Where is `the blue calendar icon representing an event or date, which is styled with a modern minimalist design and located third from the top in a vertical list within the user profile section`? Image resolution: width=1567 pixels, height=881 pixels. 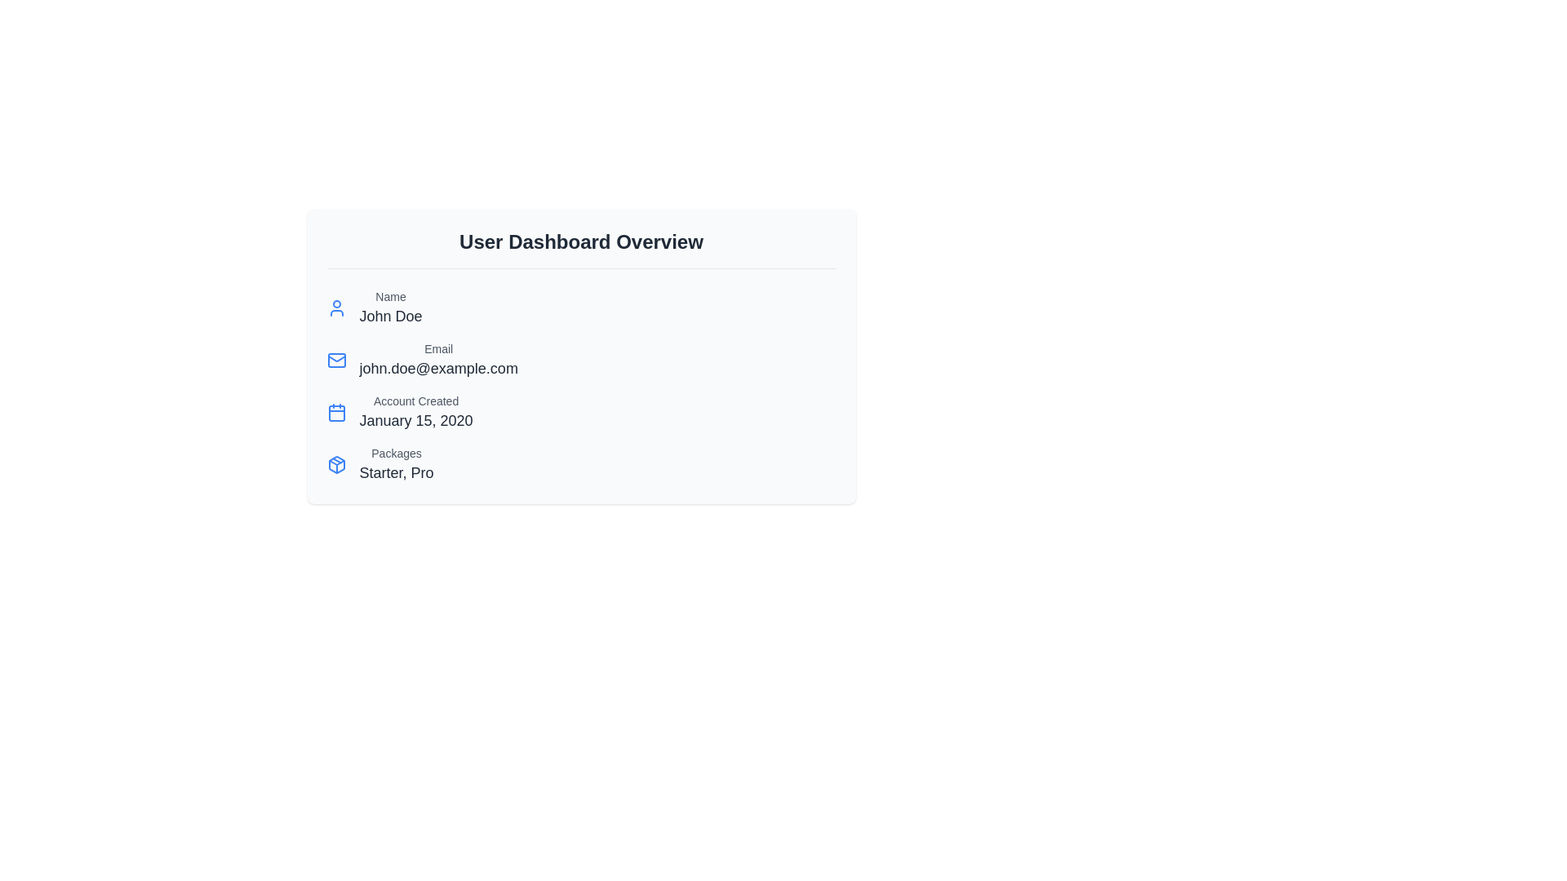 the blue calendar icon representing an event or date, which is styled with a modern minimalist design and located third from the top in a vertical list within the user profile section is located at coordinates (335, 411).